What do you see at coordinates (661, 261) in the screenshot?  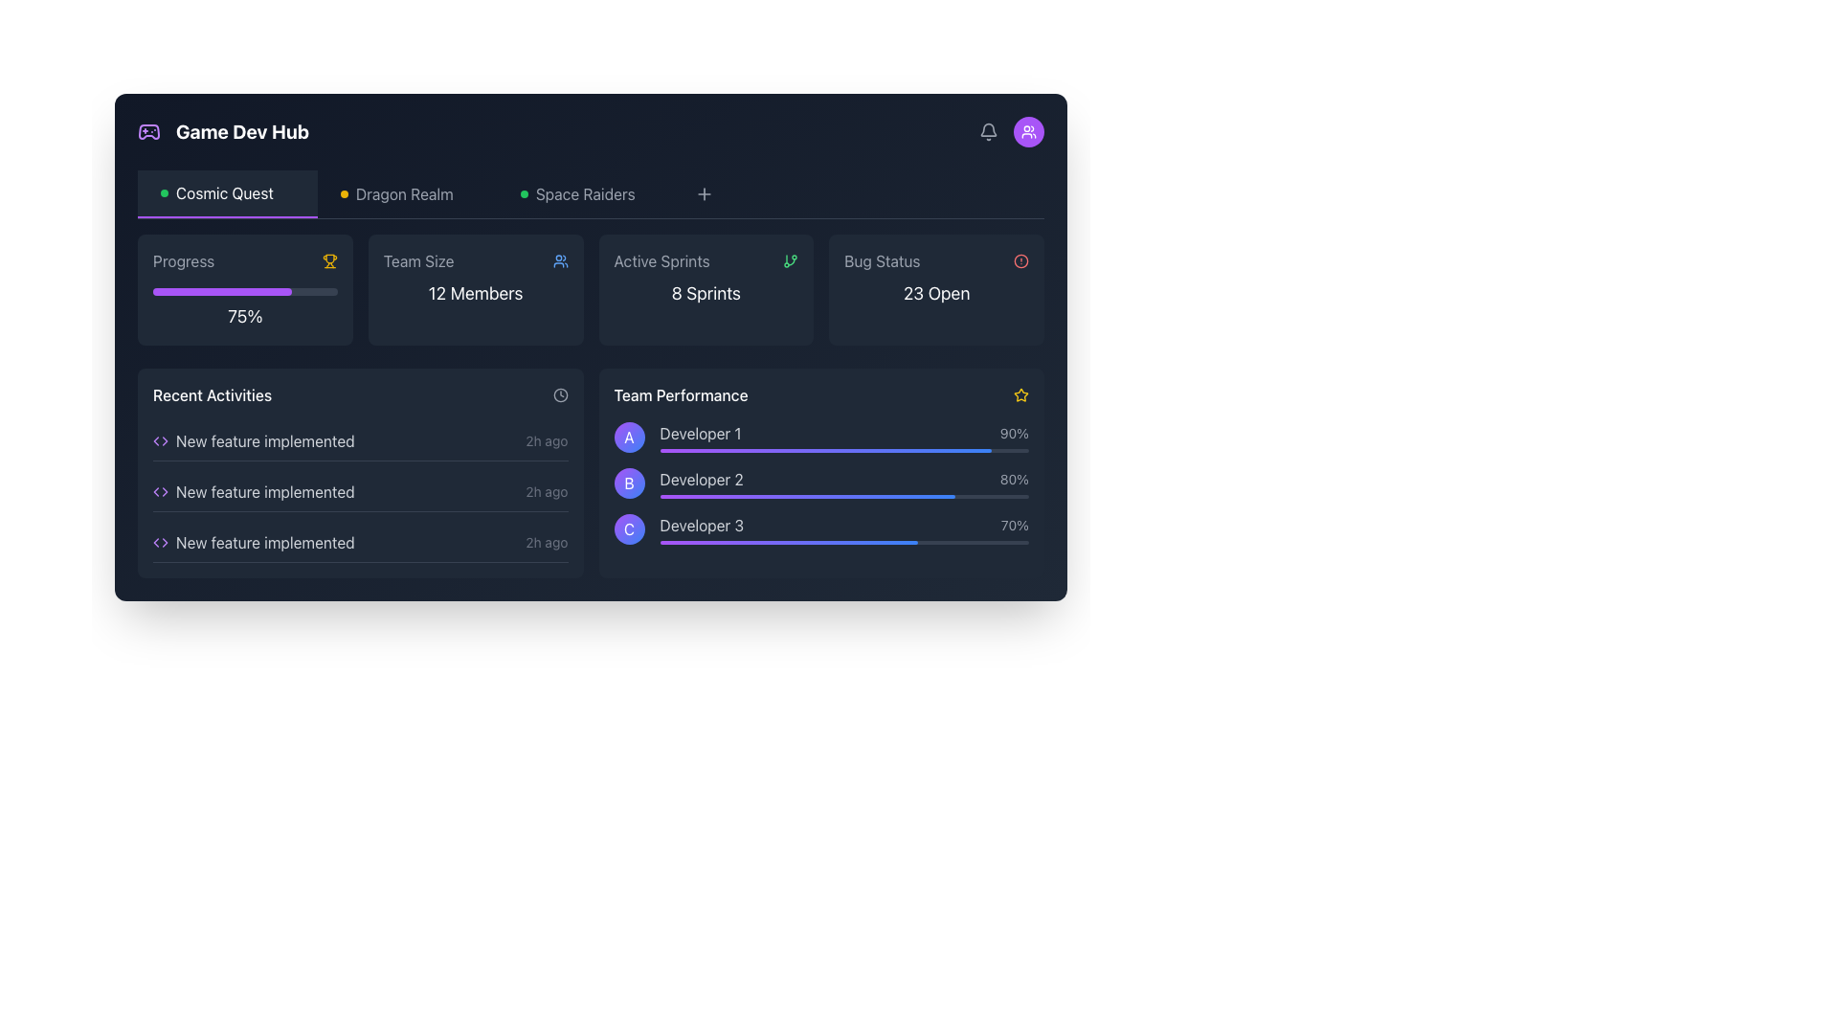 I see `the label indicating the title of the associated content related to the number of active sprints, located in the top-center area of the interface within the 'Active Sprints' card` at bounding box center [661, 261].